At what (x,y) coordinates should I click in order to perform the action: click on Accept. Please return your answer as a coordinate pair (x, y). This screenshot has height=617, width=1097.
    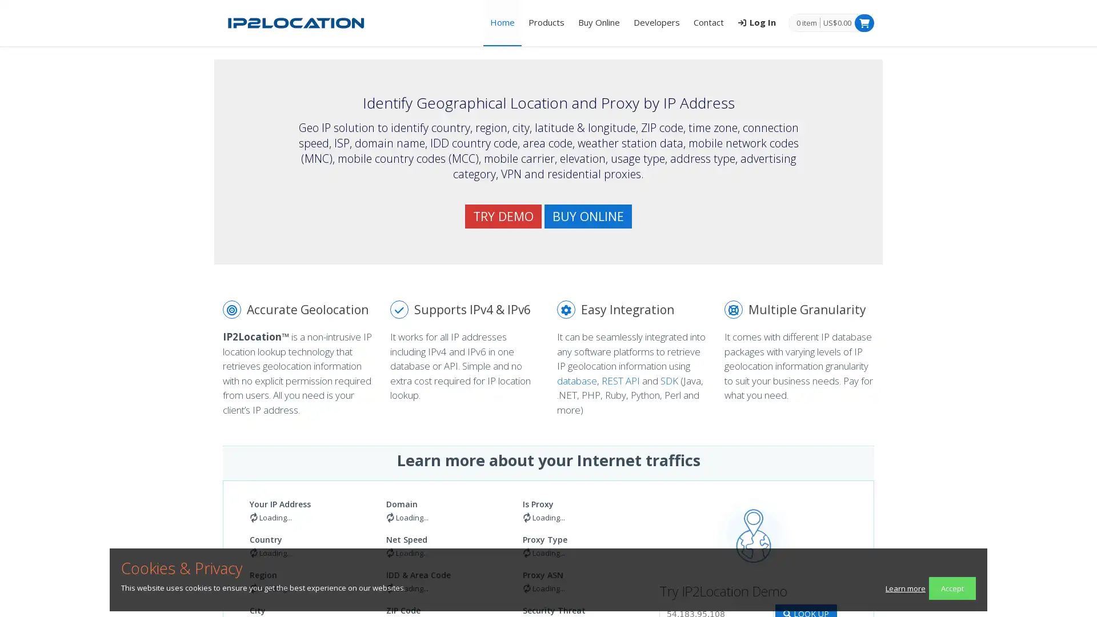
    Looking at the image, I should click on (952, 588).